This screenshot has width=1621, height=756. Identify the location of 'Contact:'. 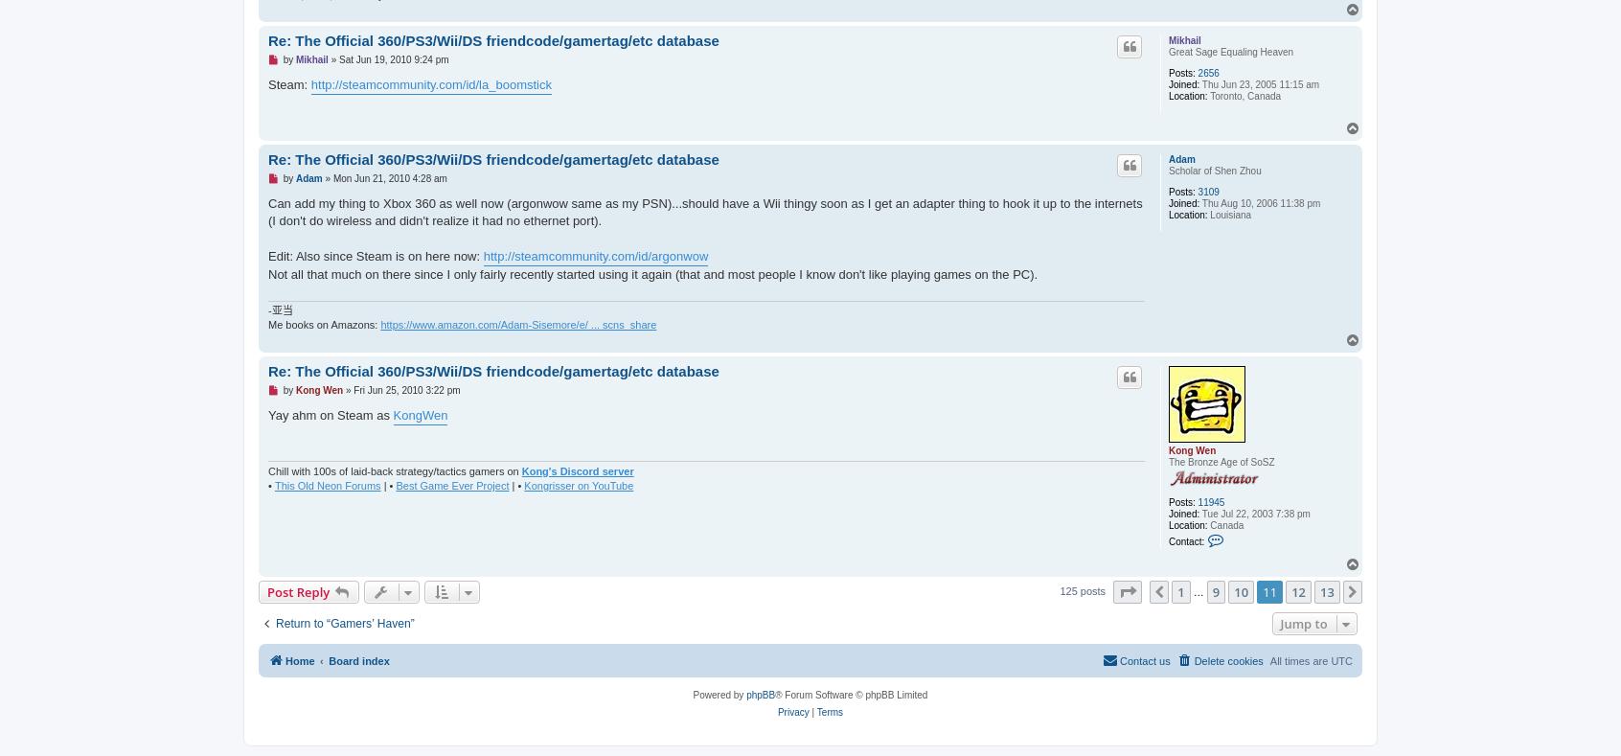
(1186, 540).